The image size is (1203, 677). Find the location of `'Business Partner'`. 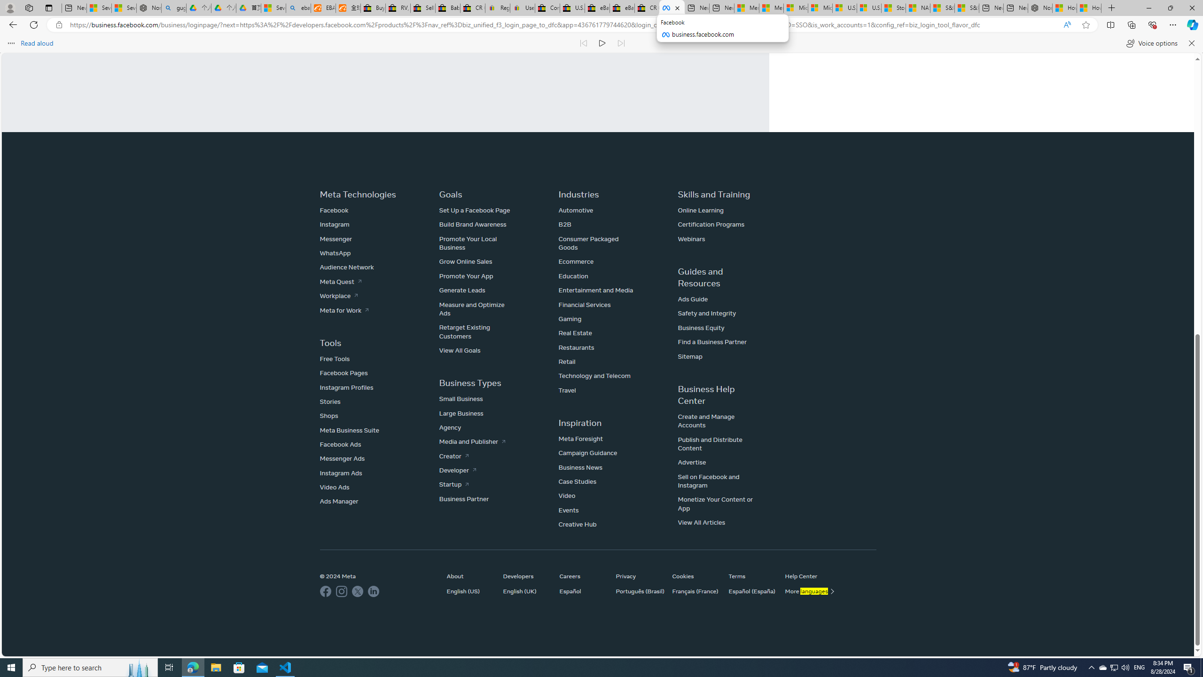

'Business Partner' is located at coordinates (464, 498).